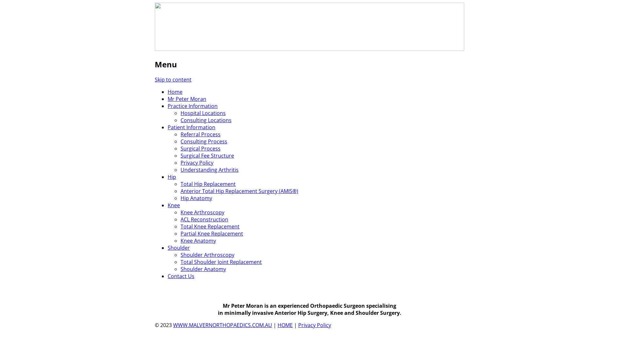  Describe the element at coordinates (200, 149) in the screenshot. I see `'Surgical Process'` at that location.